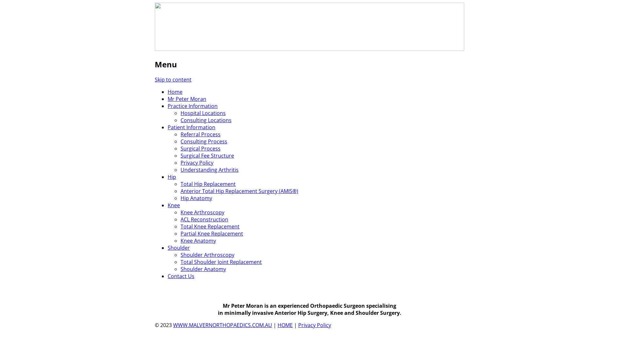  Describe the element at coordinates (200, 149) in the screenshot. I see `'Surgical Process'` at that location.